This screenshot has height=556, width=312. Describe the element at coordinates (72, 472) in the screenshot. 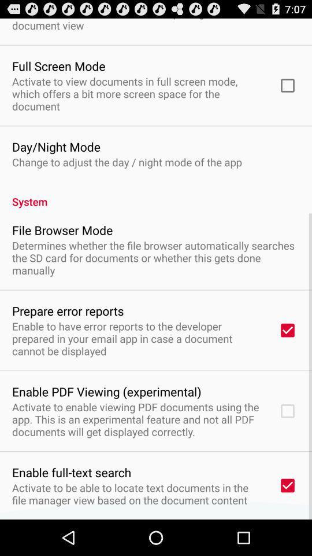

I see `app below activate to enable app` at that location.